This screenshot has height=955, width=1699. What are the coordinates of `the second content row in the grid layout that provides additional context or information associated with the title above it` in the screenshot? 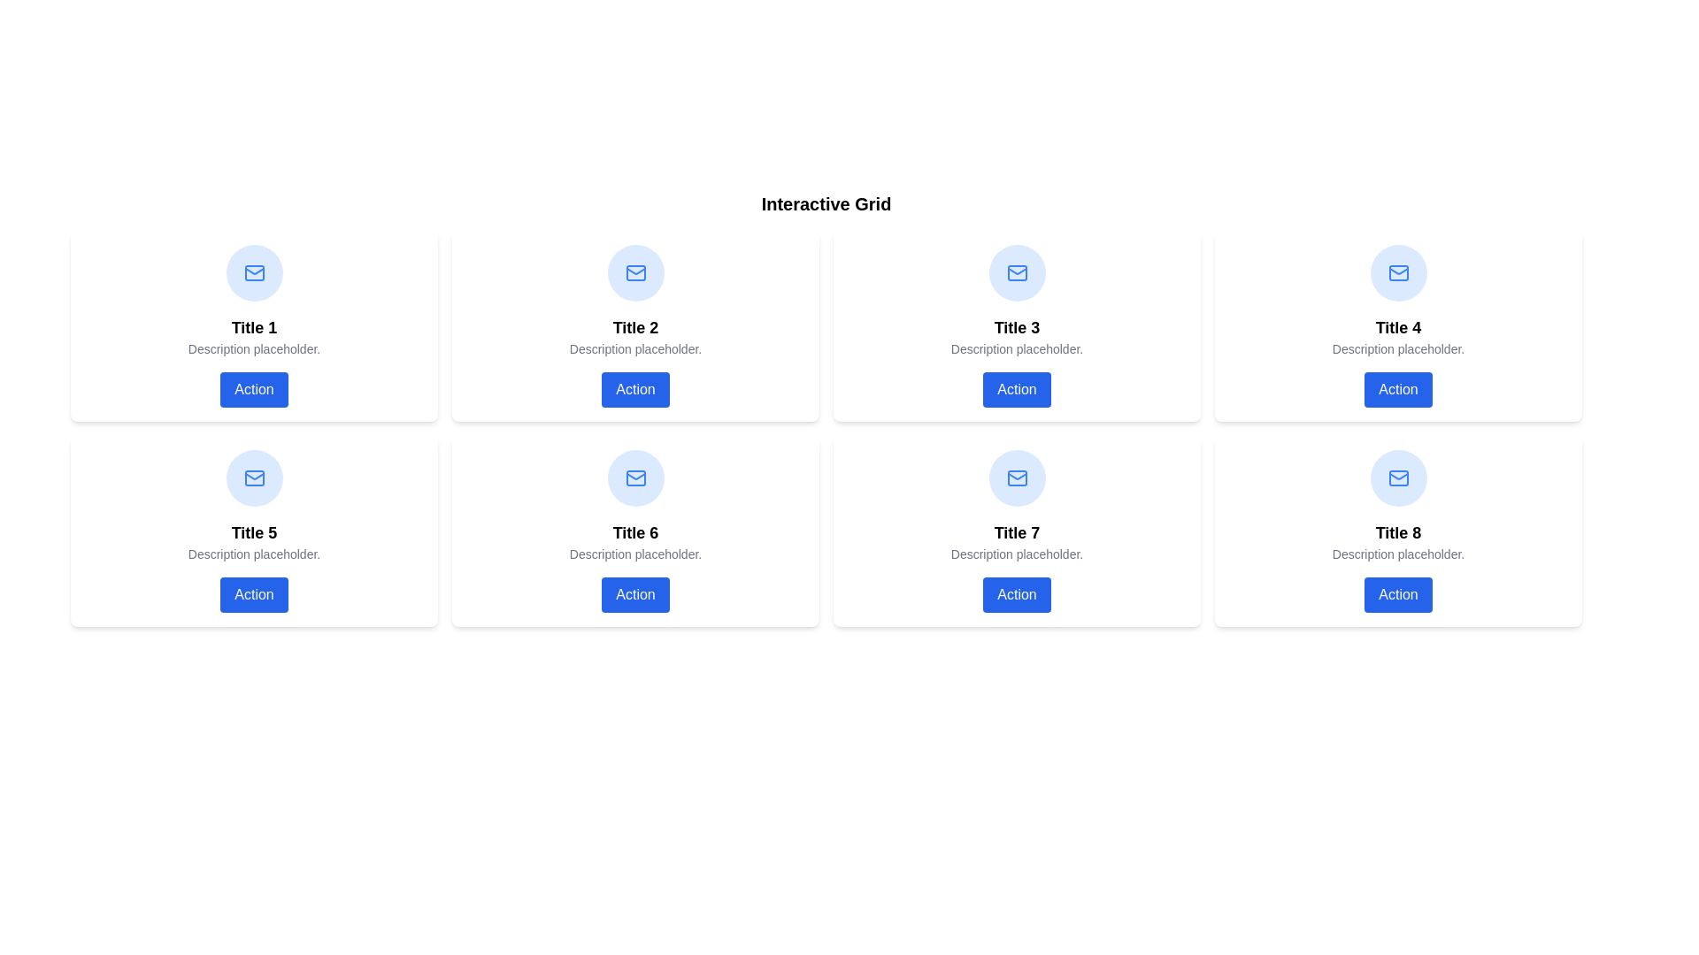 It's located at (635, 348).